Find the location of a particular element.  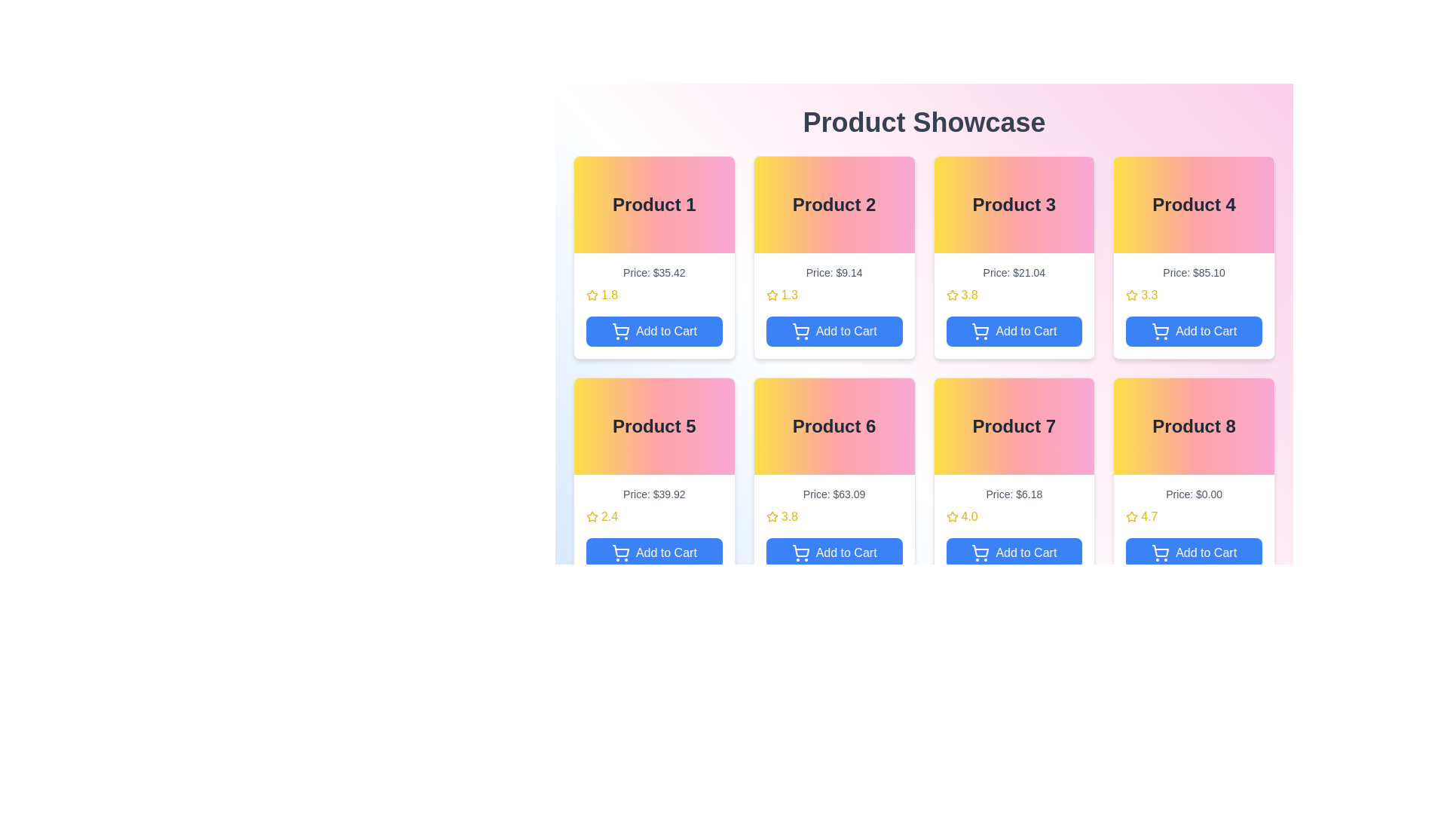

the shopping cart icon located within the 'Add to Cart' button for 'Product 3', which is outlined with a thin stroke in a minimalistic monochromatic design is located at coordinates (980, 329).